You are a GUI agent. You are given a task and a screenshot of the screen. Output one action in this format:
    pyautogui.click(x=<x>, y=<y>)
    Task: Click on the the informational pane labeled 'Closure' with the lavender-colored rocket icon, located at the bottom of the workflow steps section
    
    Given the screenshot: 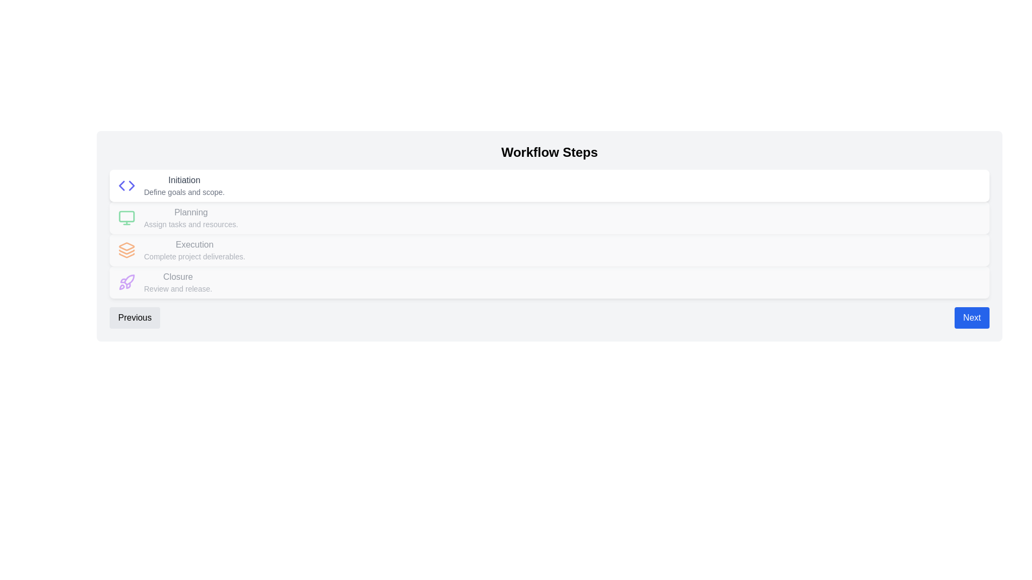 What is the action you would take?
    pyautogui.click(x=549, y=281)
    